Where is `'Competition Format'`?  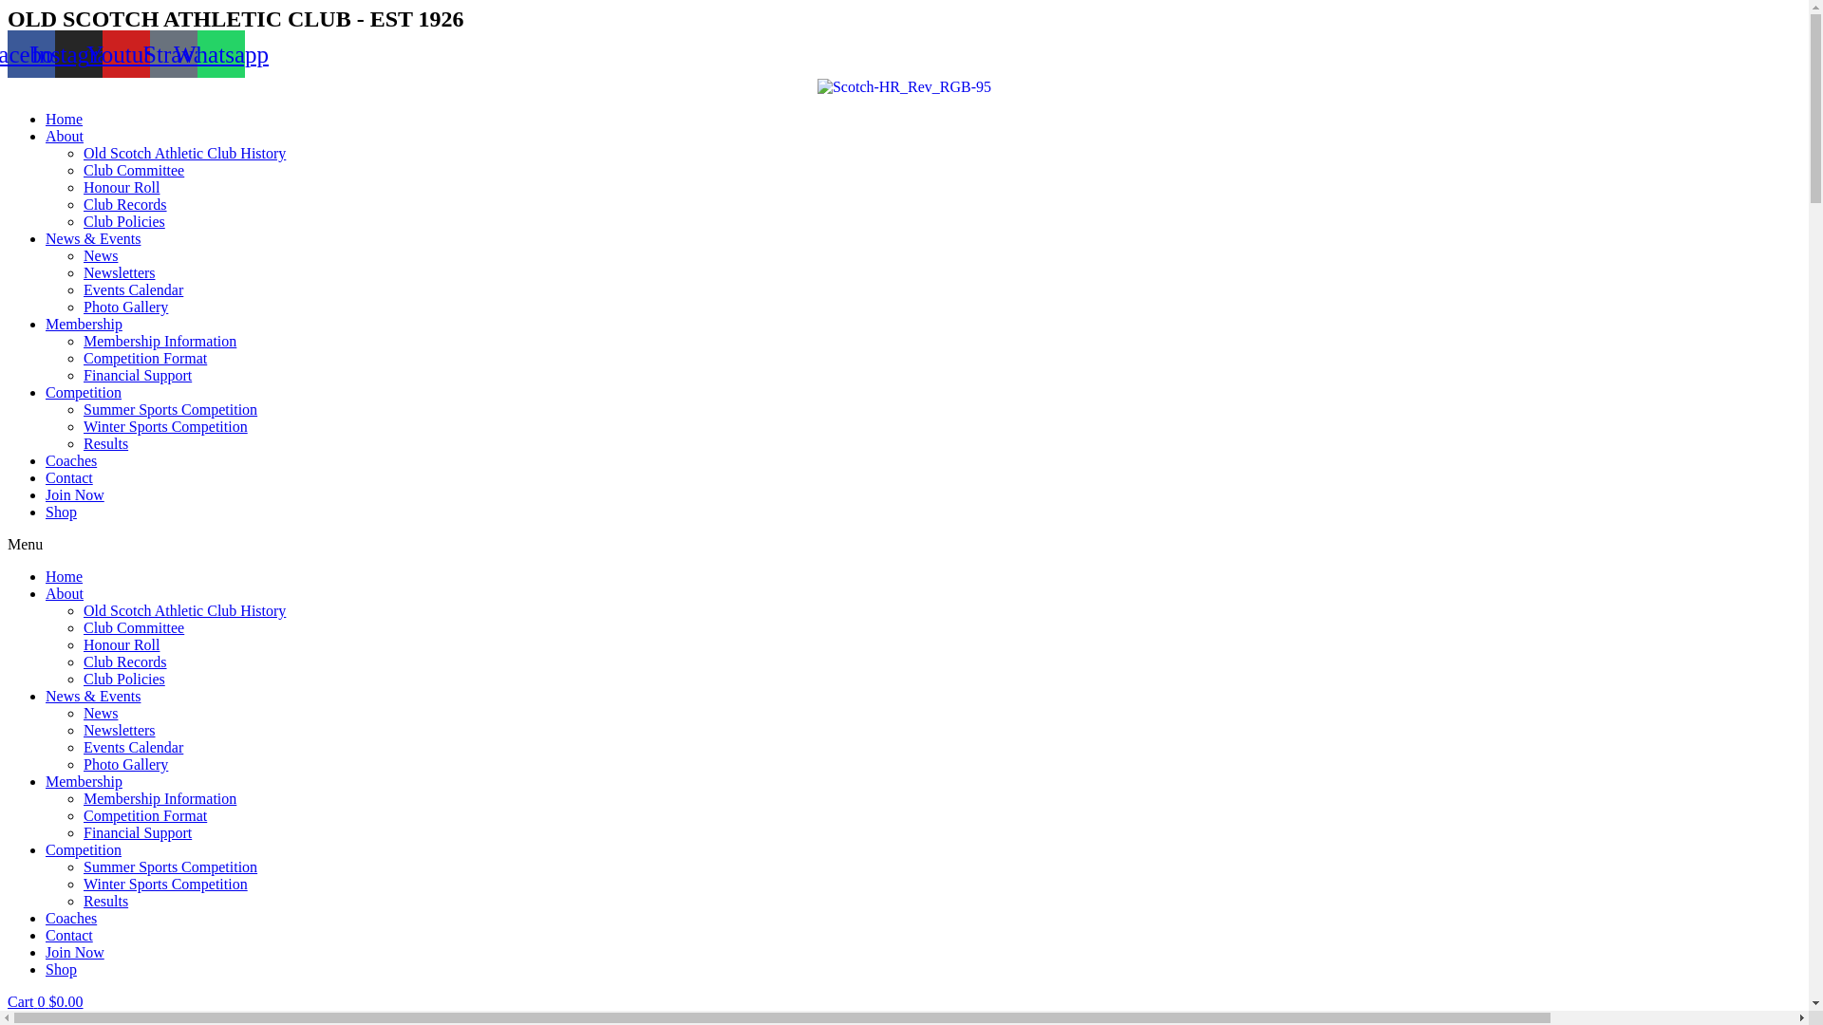 'Competition Format' is located at coordinates (144, 358).